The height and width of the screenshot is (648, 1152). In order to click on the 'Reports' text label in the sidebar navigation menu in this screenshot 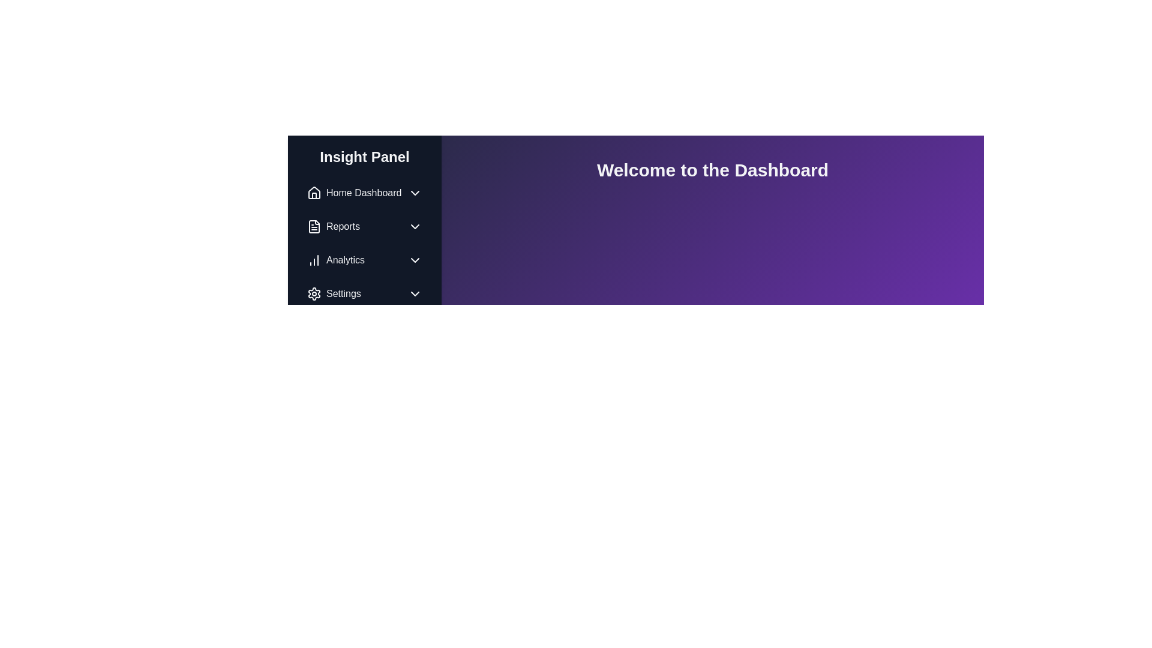, I will do `click(342, 227)`.